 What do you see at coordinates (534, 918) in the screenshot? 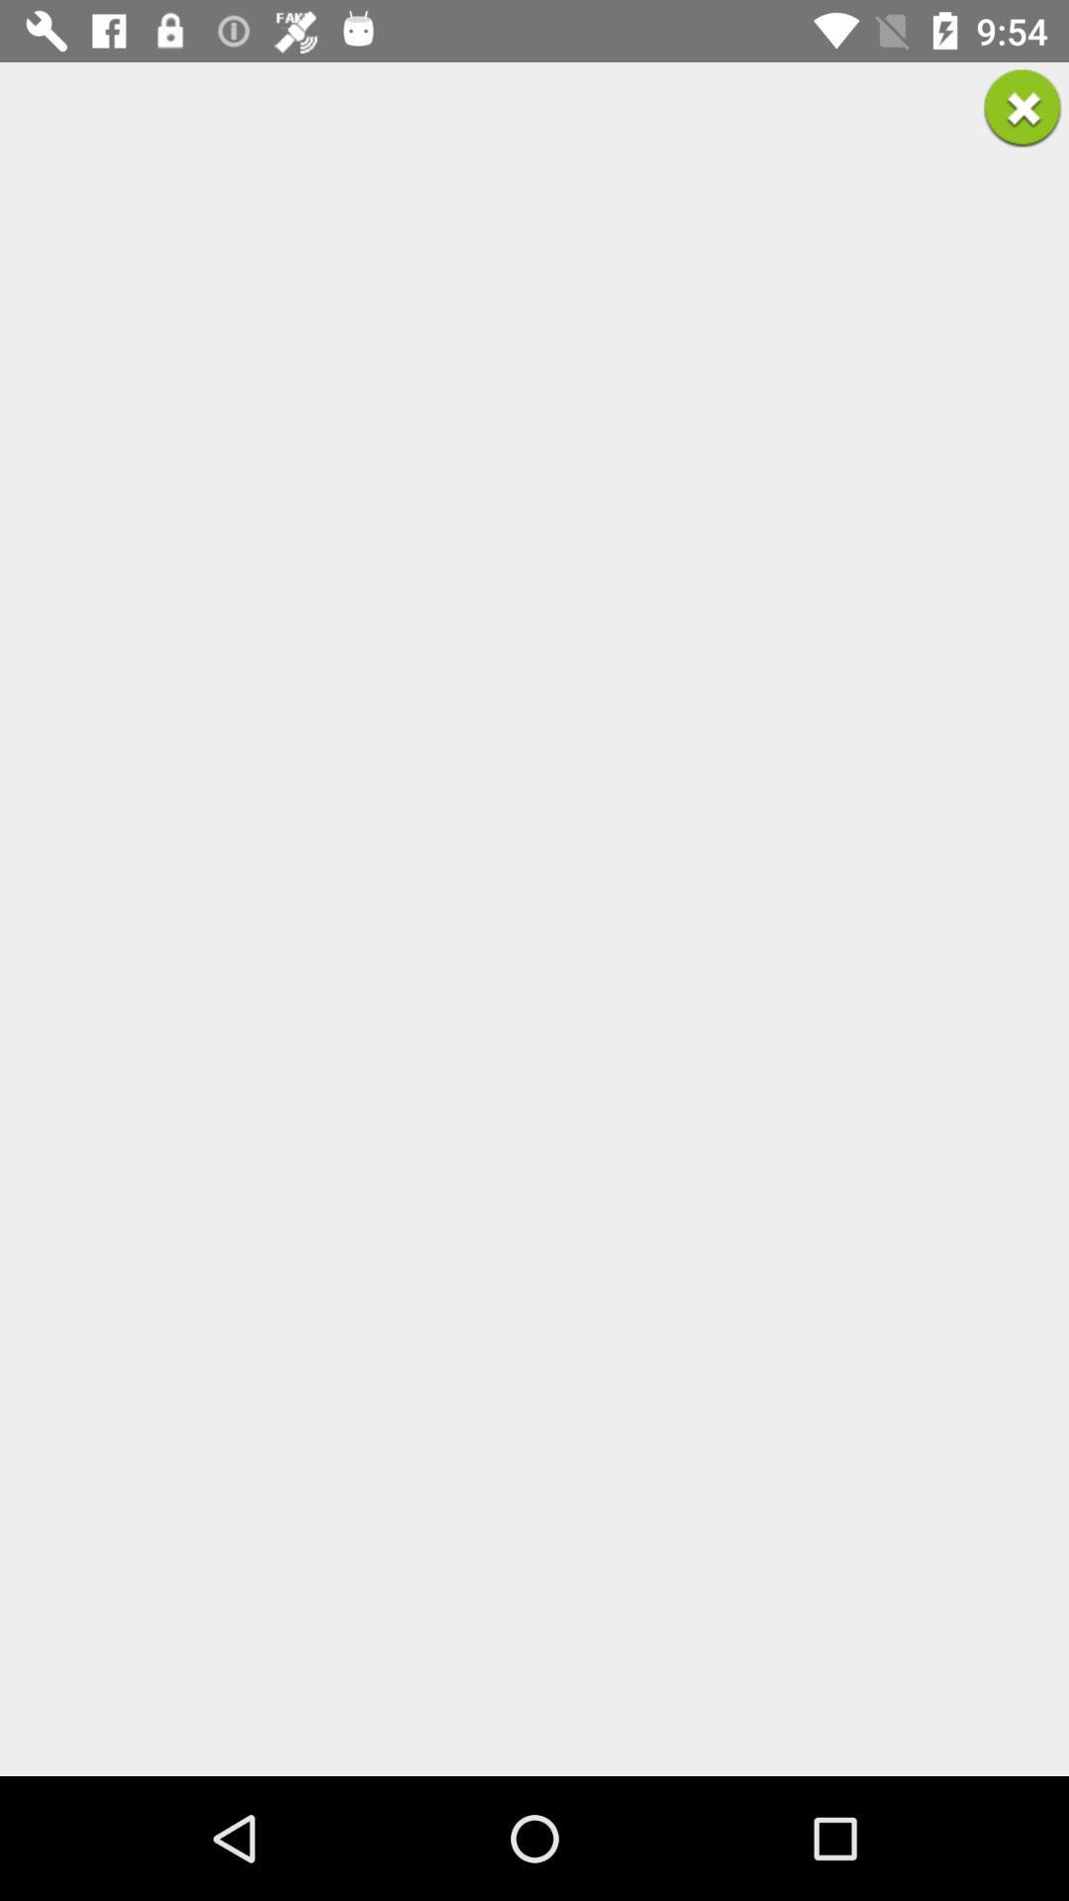
I see `the icon at the center` at bounding box center [534, 918].